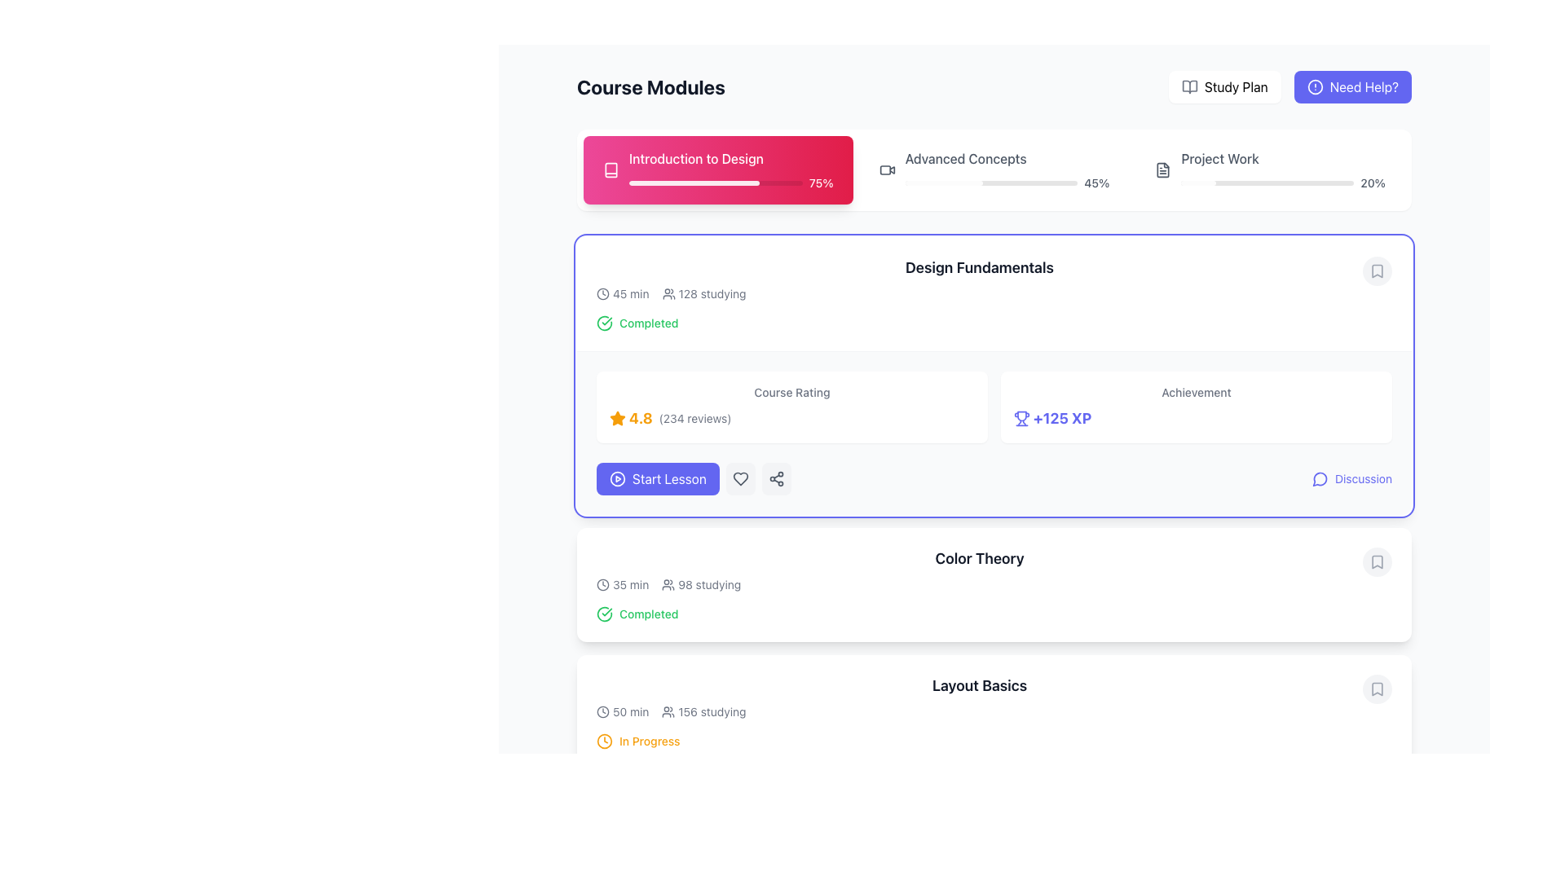  I want to click on the text label reading 'In Progress' styled in orange, located at the bottom of the page within the 'Layout Basics' section, to comprehend its ongoing status, so click(649, 741).